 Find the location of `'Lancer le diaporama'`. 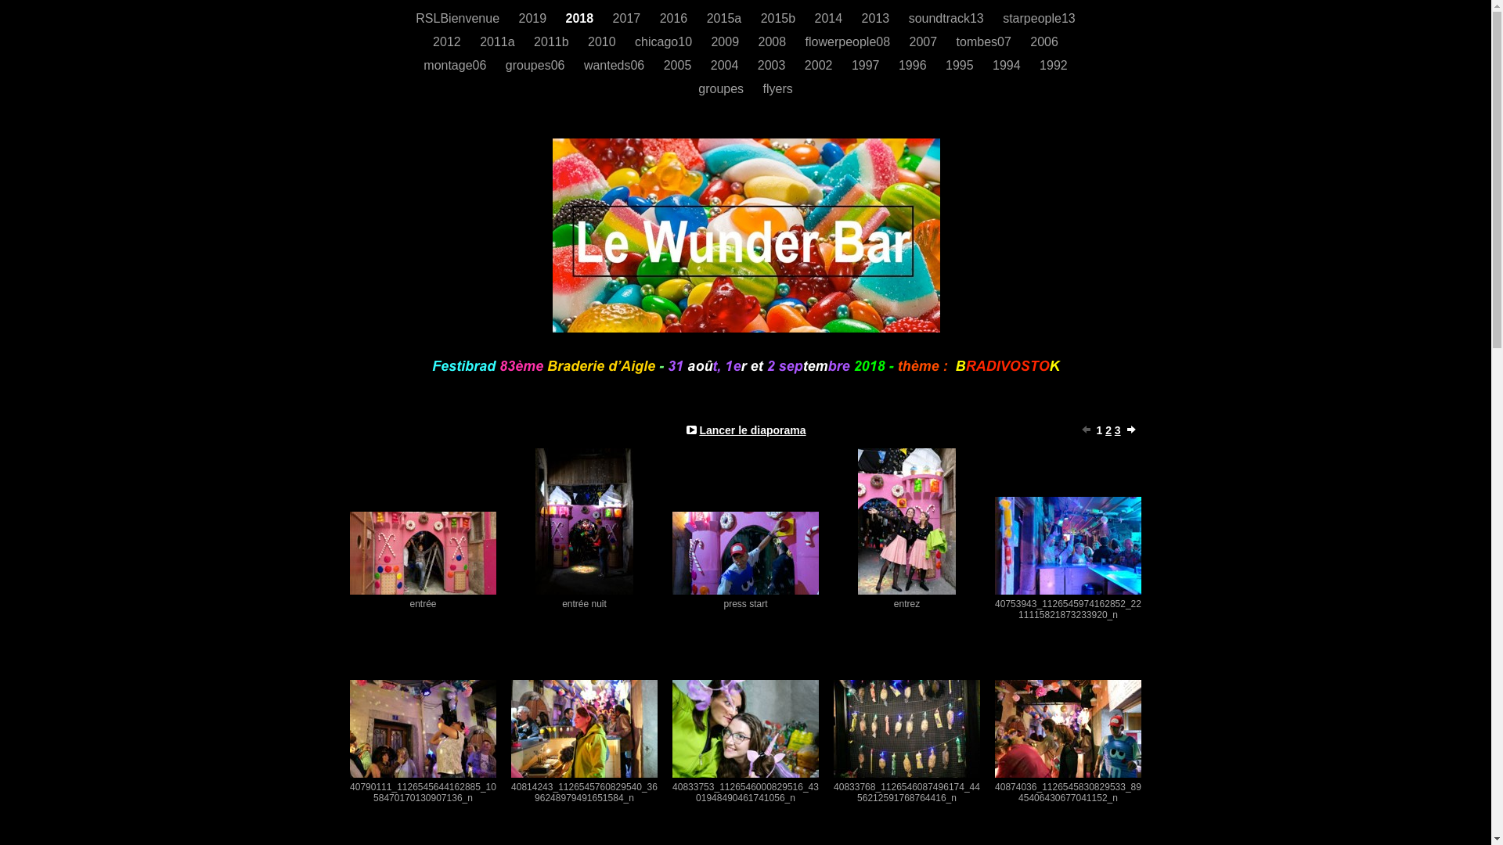

'Lancer le diaporama' is located at coordinates (751, 430).